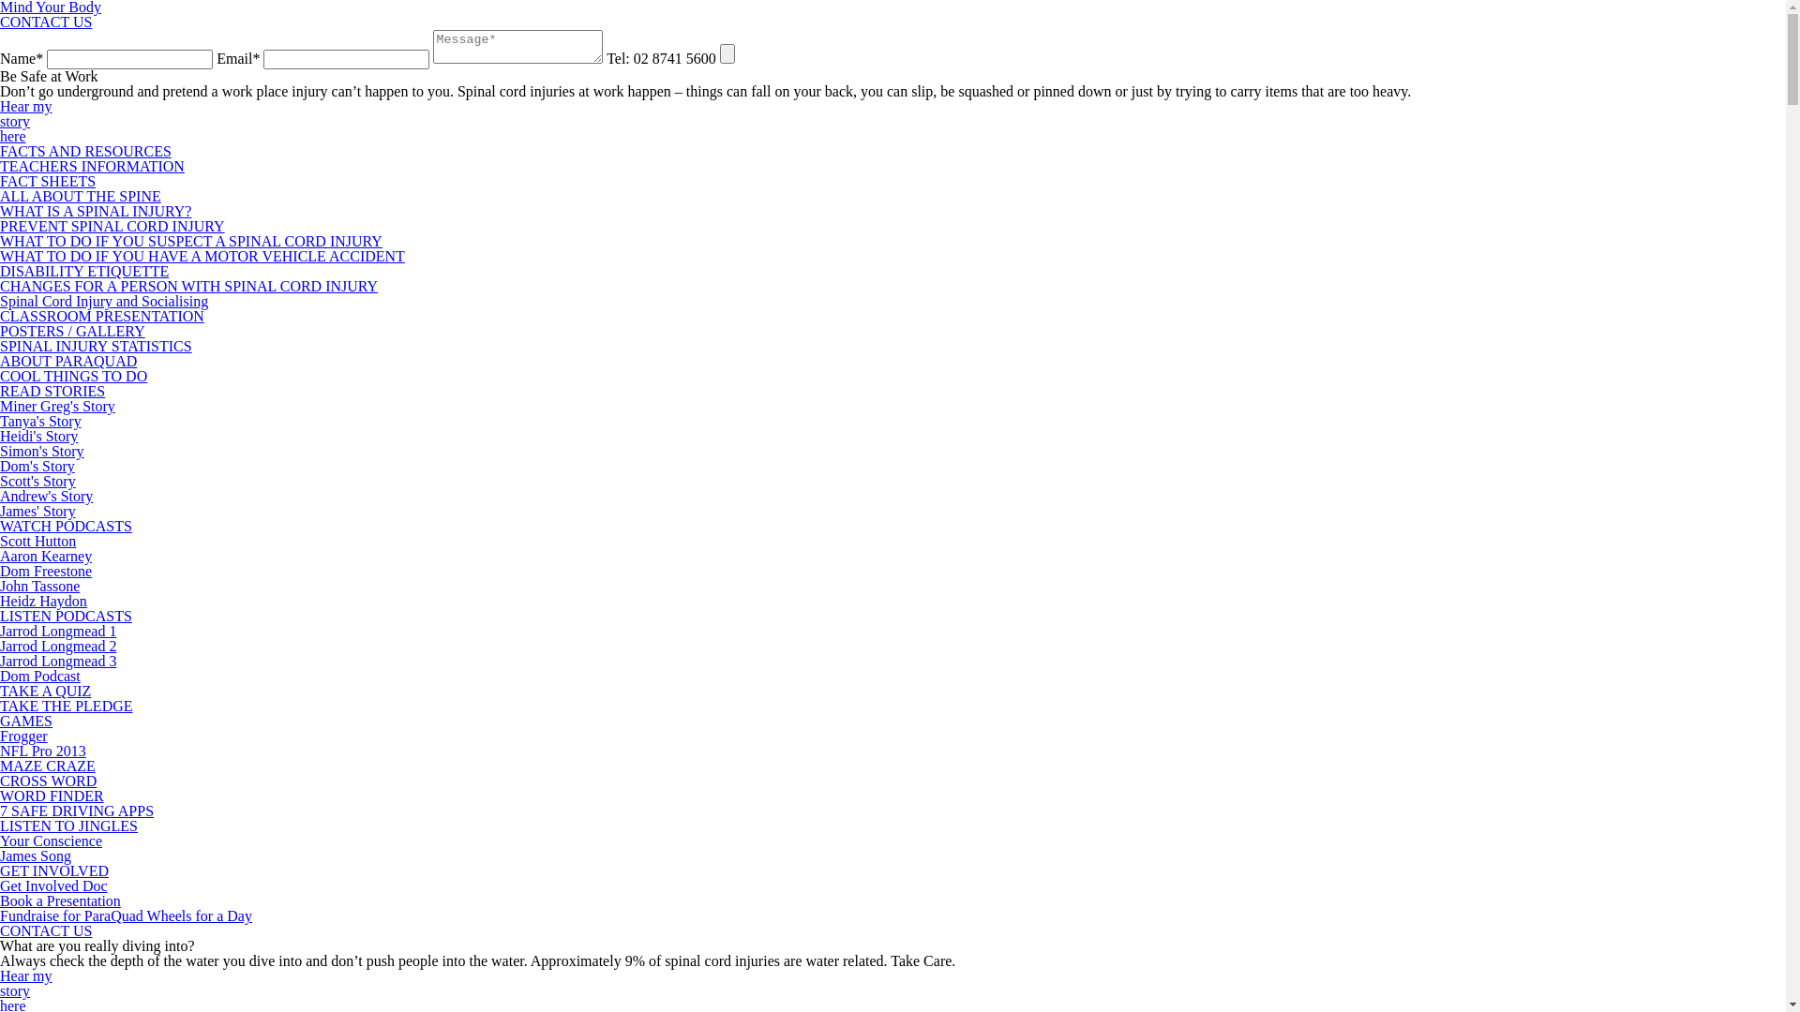 This screenshot has height=1012, width=1800. What do you see at coordinates (0, 480) in the screenshot?
I see `'Scott's Story'` at bounding box center [0, 480].